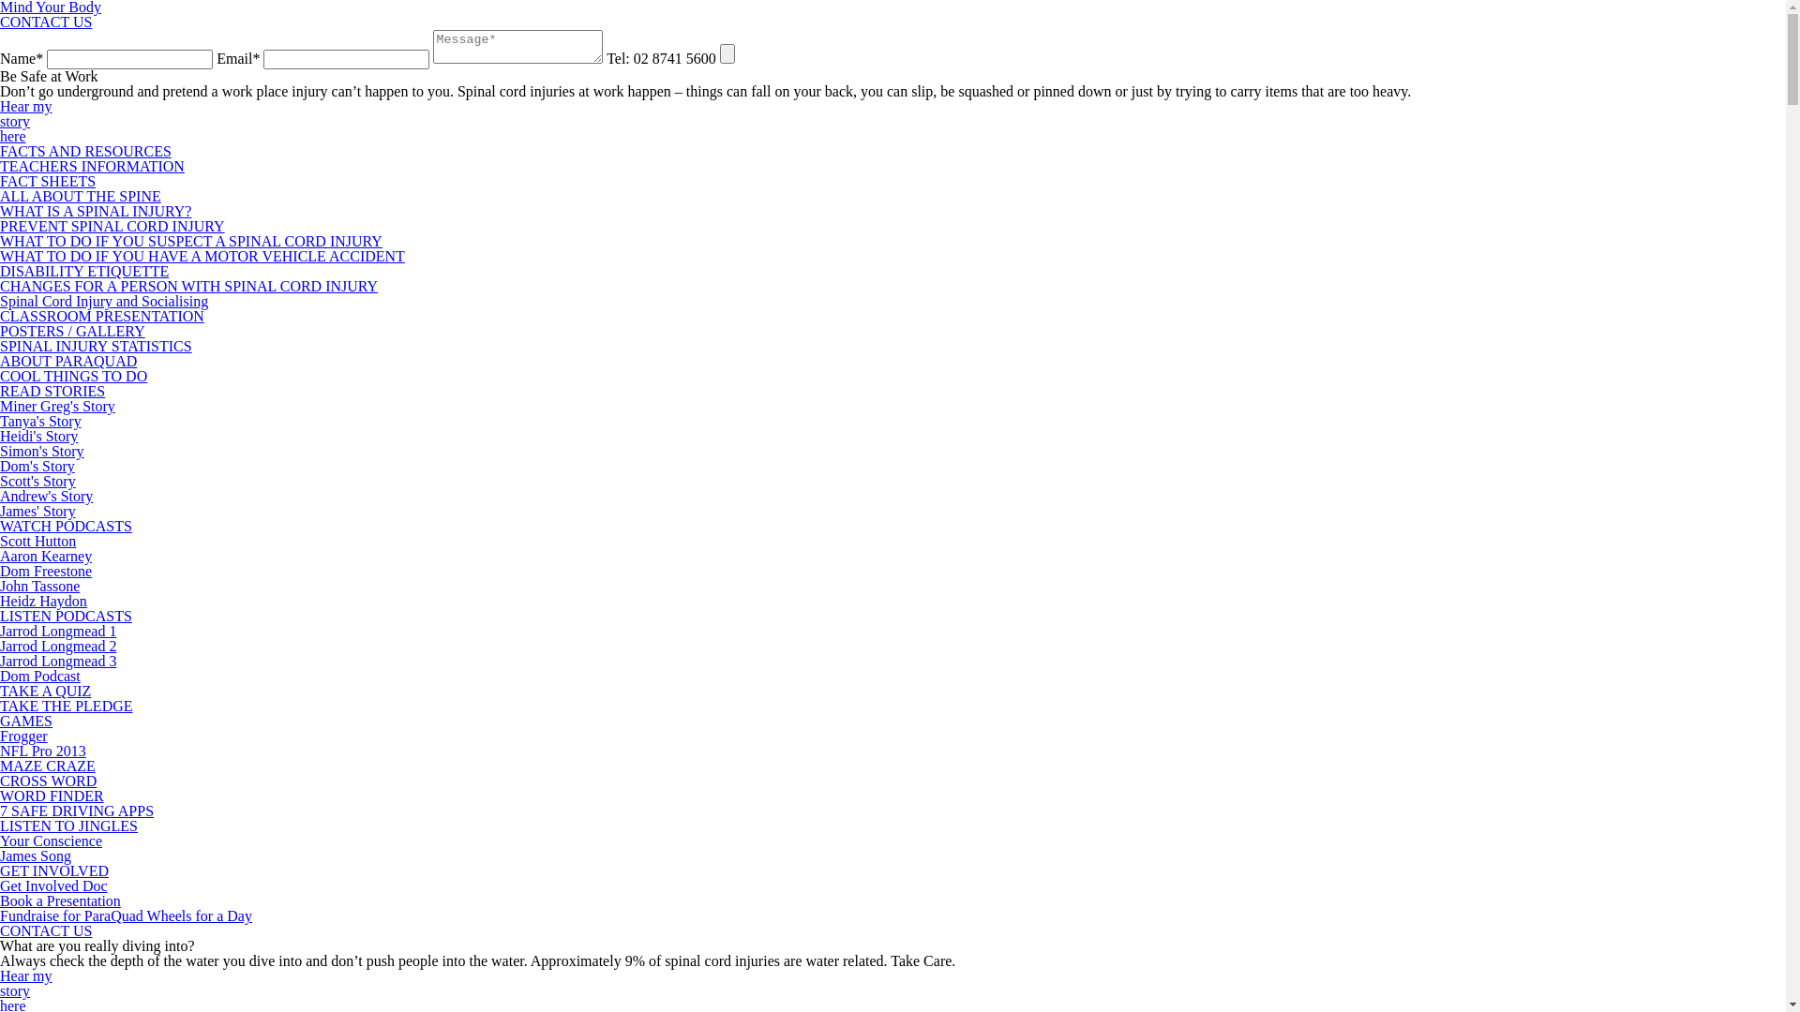 This screenshot has height=1012, width=1800. What do you see at coordinates (0, 480) in the screenshot?
I see `'Scott's Story'` at bounding box center [0, 480].